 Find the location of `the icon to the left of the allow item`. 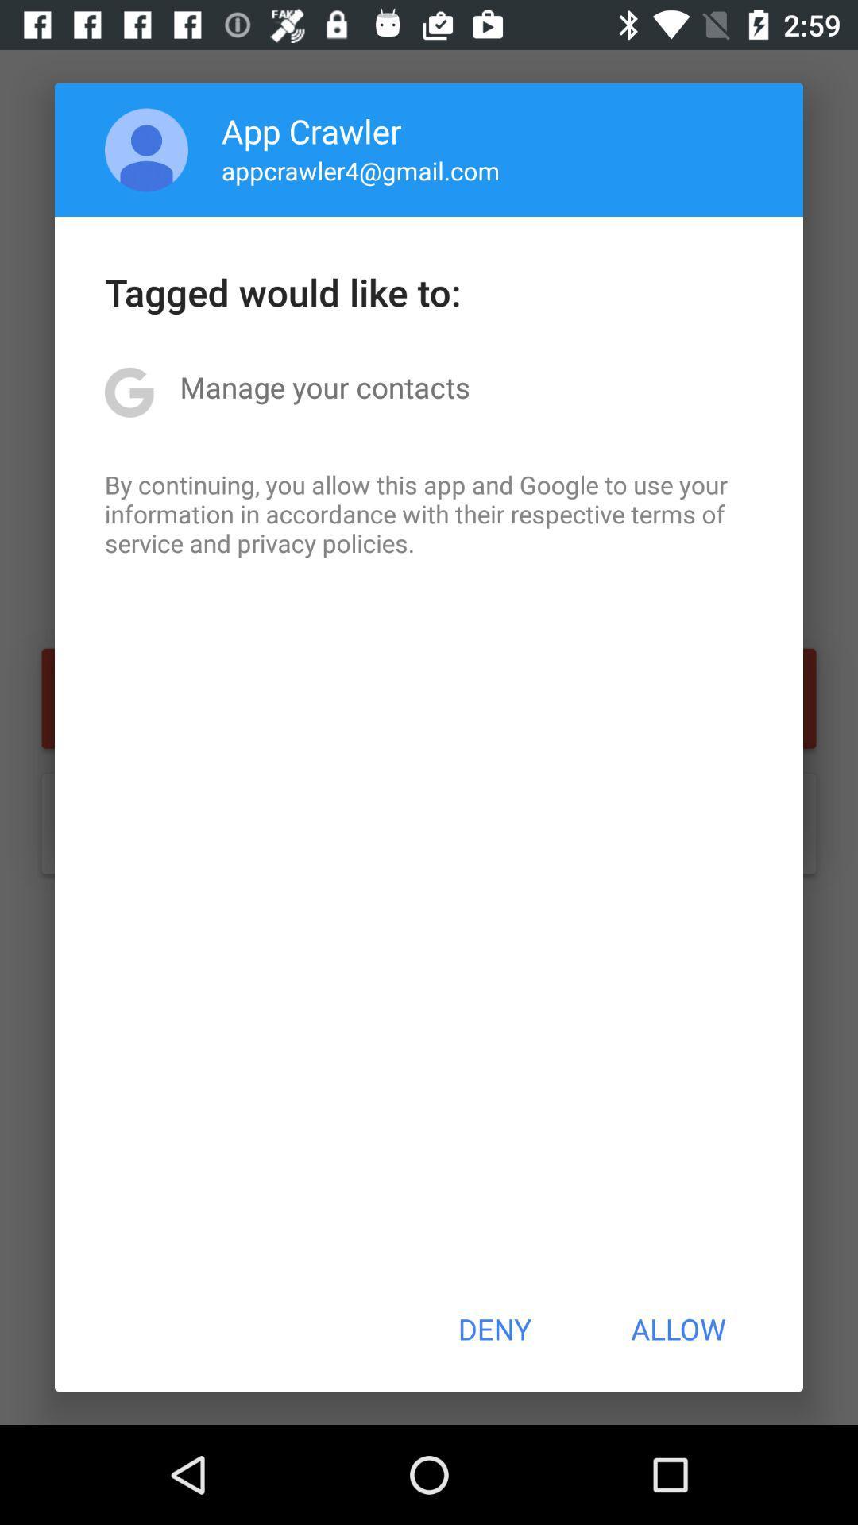

the icon to the left of the allow item is located at coordinates (493, 1329).